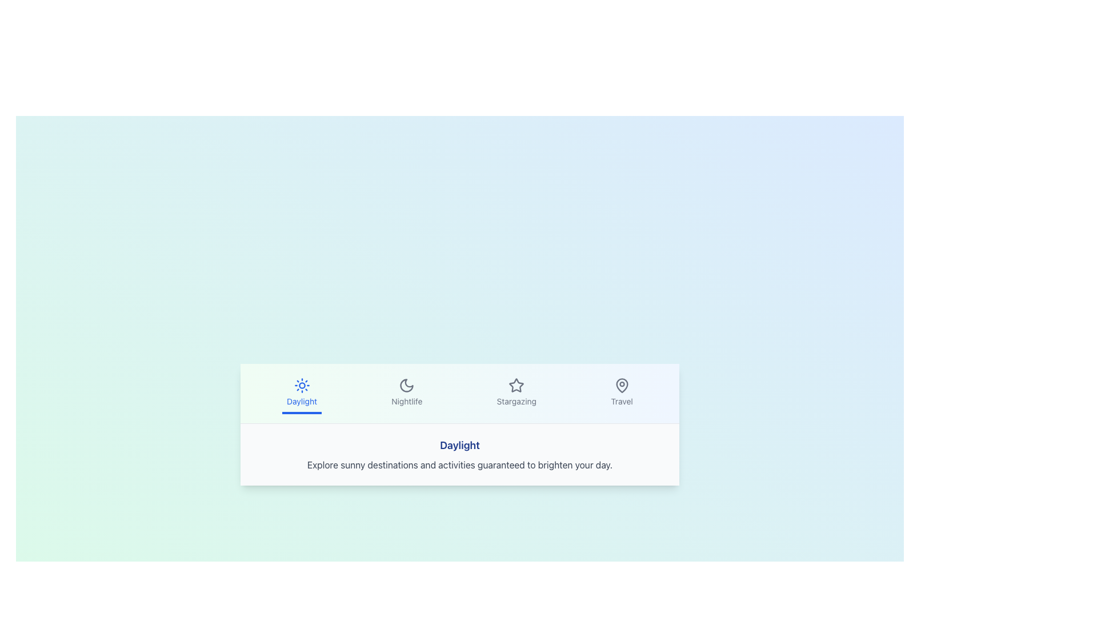 The image size is (1097, 617). I want to click on the star-shaped icon with a hollow center located in the menu section above the 'Stargazing' label, so click(516, 384).